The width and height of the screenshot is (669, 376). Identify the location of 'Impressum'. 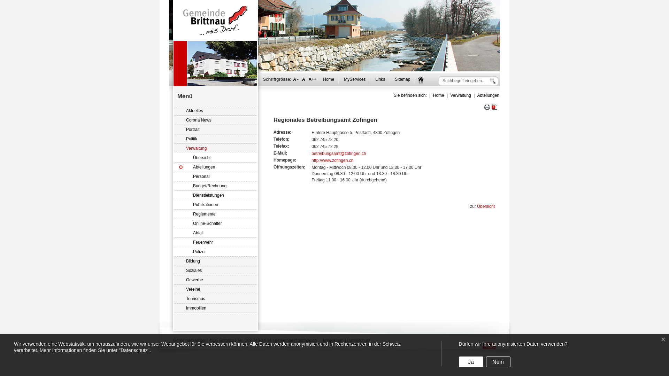
(333, 340).